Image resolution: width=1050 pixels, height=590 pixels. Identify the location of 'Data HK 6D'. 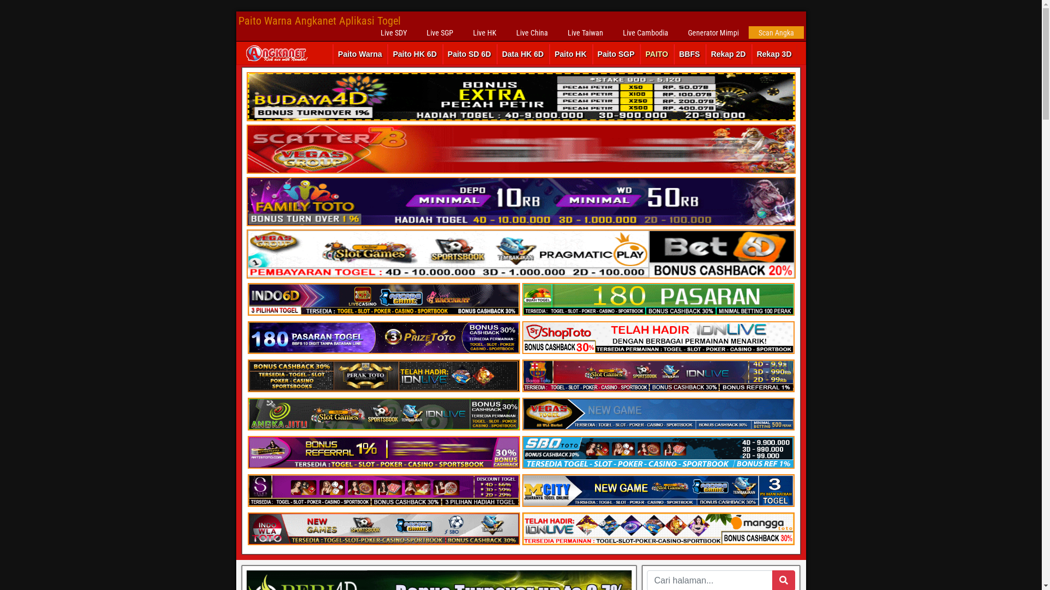
(522, 54).